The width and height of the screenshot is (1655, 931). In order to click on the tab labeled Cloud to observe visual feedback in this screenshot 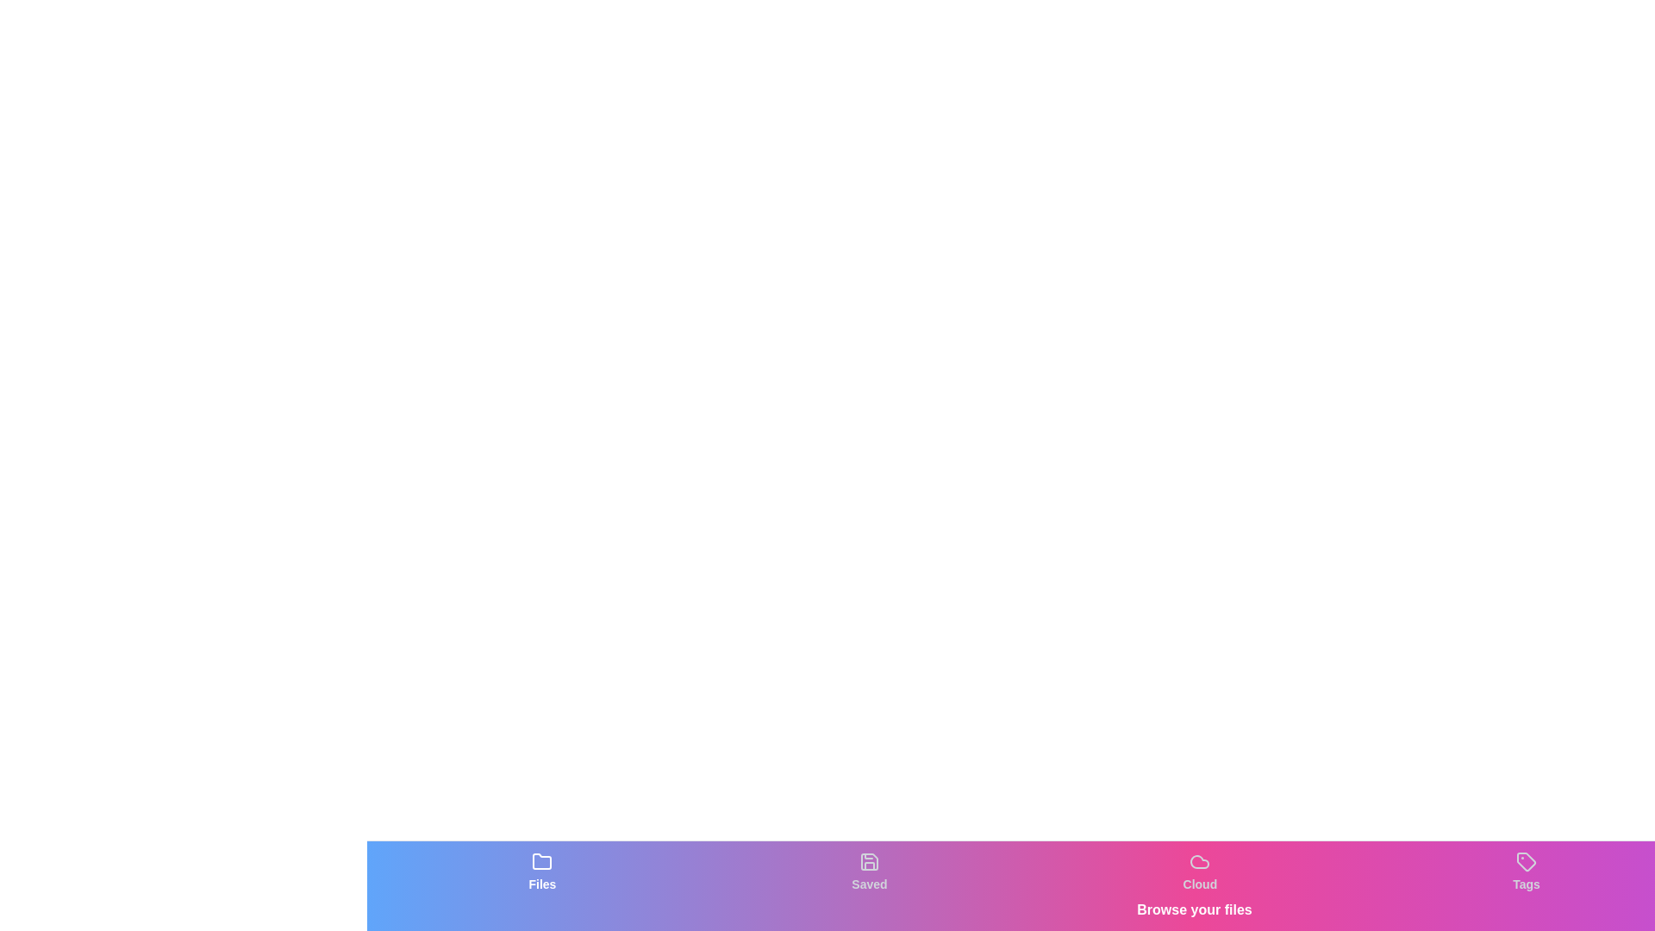, I will do `click(1199, 872)`.